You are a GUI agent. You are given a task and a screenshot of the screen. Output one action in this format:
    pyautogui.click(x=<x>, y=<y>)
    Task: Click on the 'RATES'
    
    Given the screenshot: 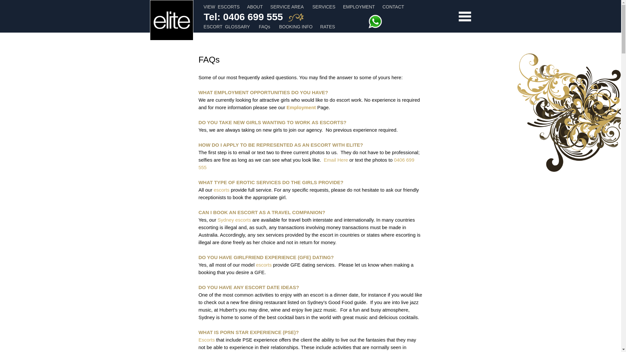 What is the action you would take?
    pyautogui.click(x=327, y=26)
    